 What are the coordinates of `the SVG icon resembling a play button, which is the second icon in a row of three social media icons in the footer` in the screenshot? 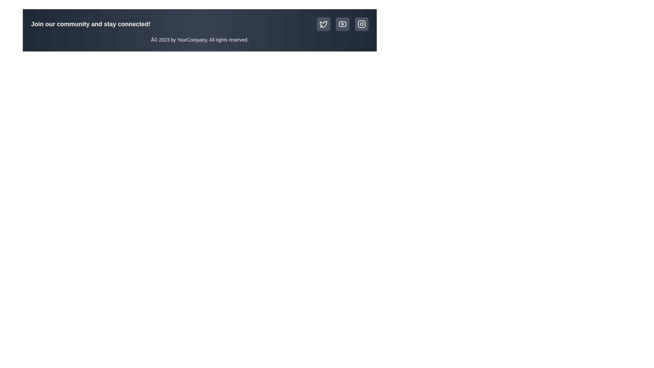 It's located at (343, 24).